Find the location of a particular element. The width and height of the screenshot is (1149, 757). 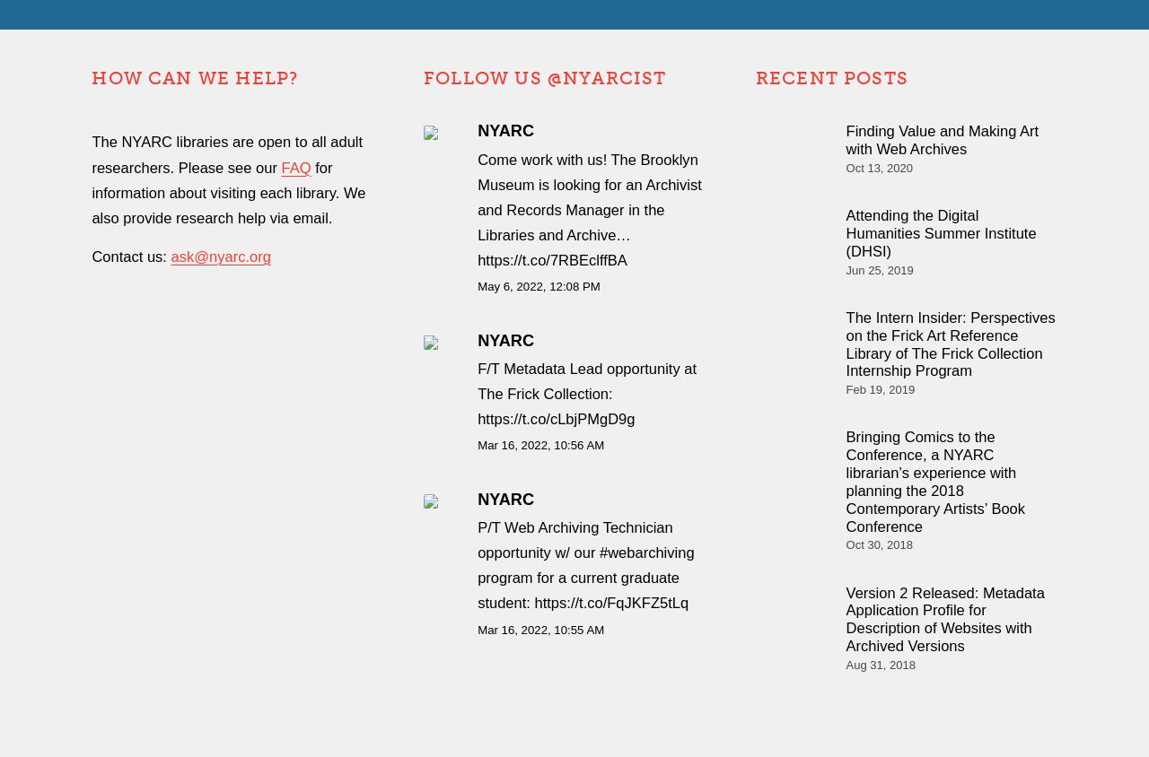

'program for a current graduate student:' is located at coordinates (578, 589).